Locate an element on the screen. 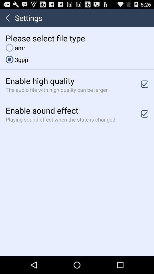 This screenshot has width=154, height=274. the button which says 3gpp is located at coordinates (17, 59).